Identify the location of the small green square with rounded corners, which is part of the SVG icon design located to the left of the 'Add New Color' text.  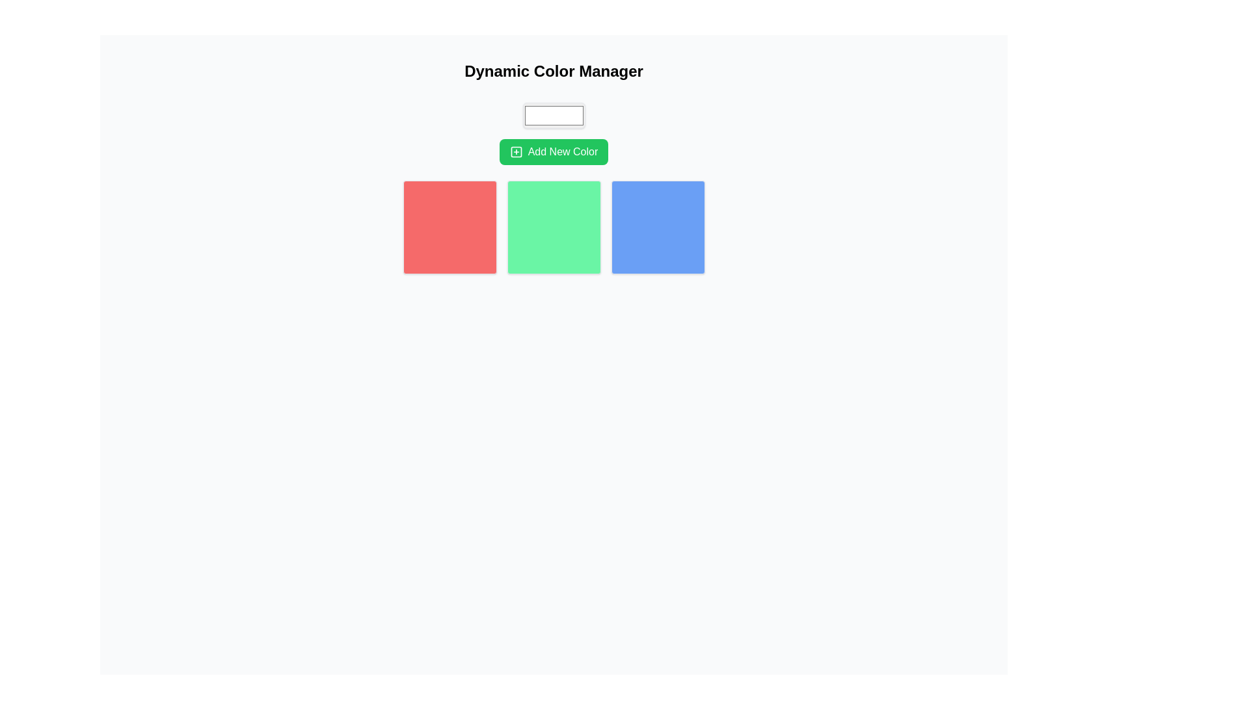
(515, 151).